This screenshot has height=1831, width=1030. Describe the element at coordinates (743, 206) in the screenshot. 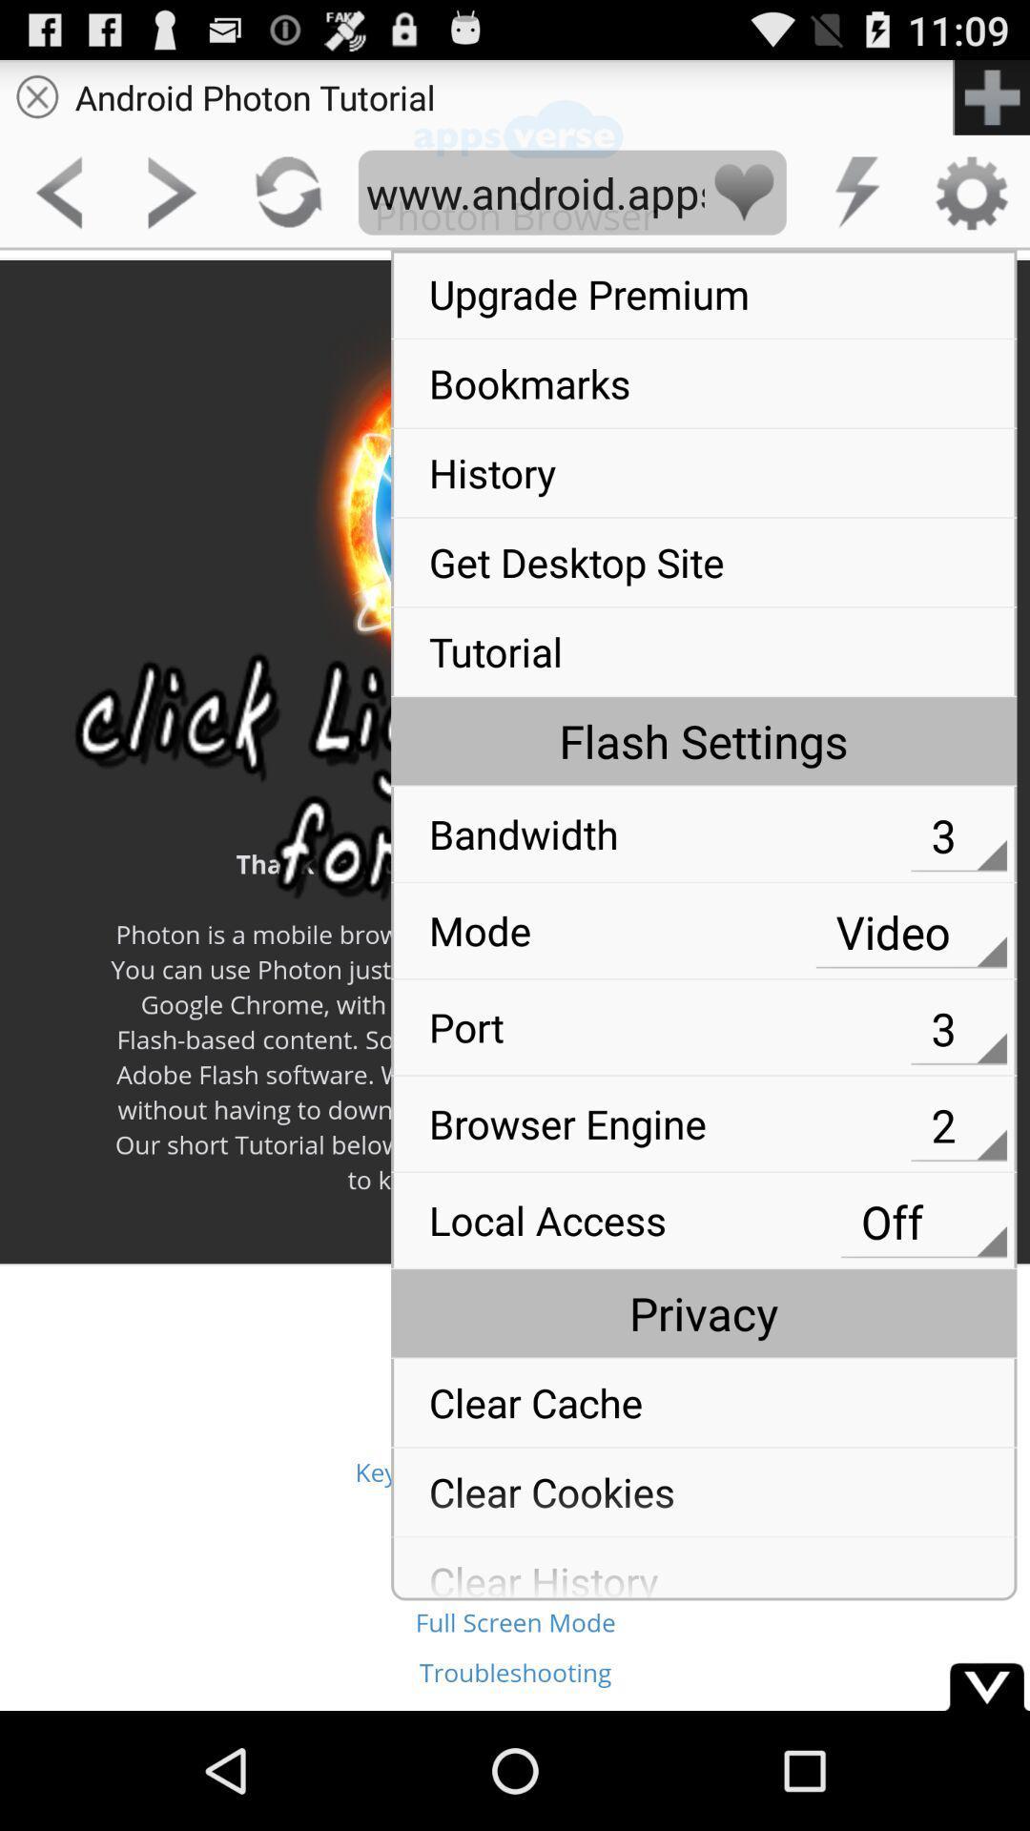

I see `the favorite icon` at that location.